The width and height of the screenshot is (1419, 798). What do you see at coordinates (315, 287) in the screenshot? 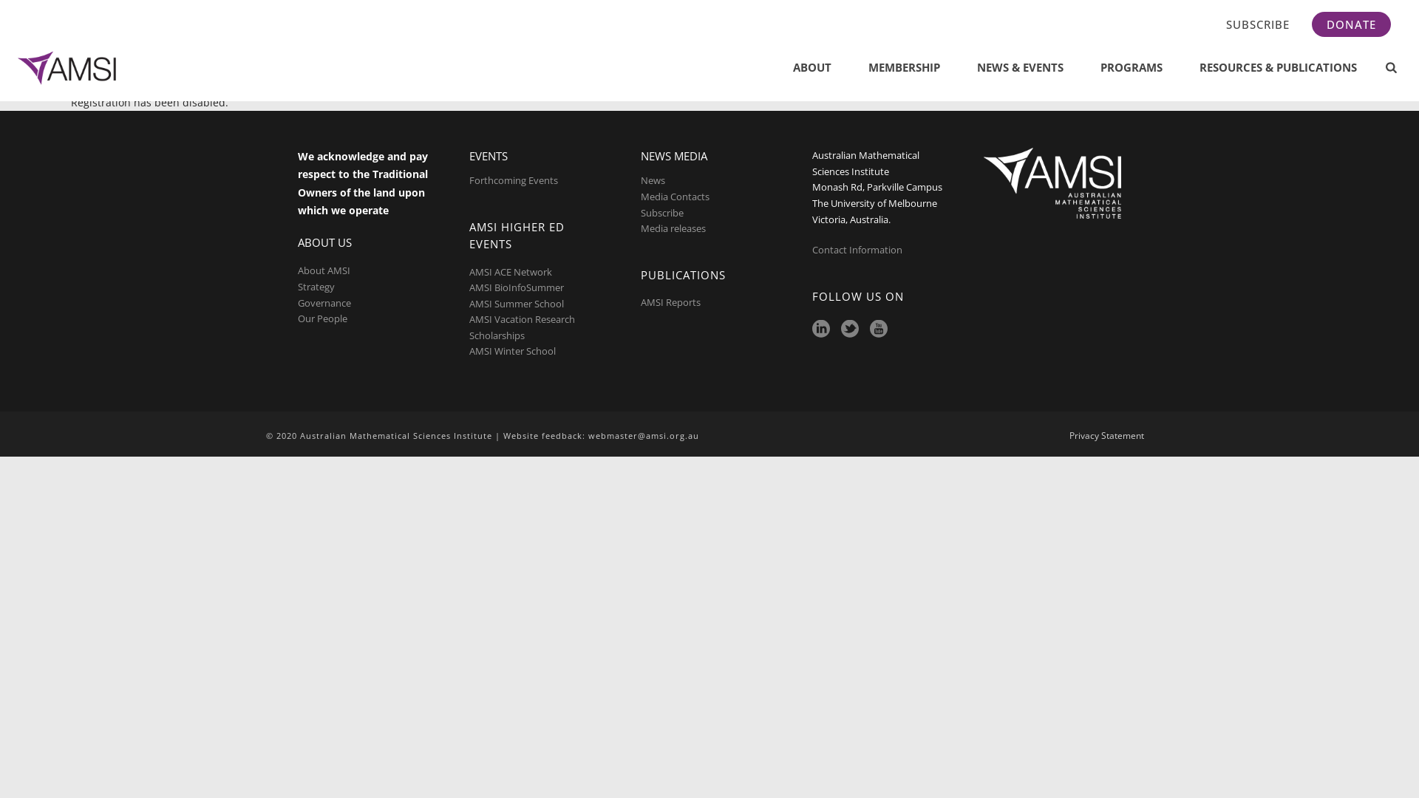
I see `'Strategy'` at bounding box center [315, 287].